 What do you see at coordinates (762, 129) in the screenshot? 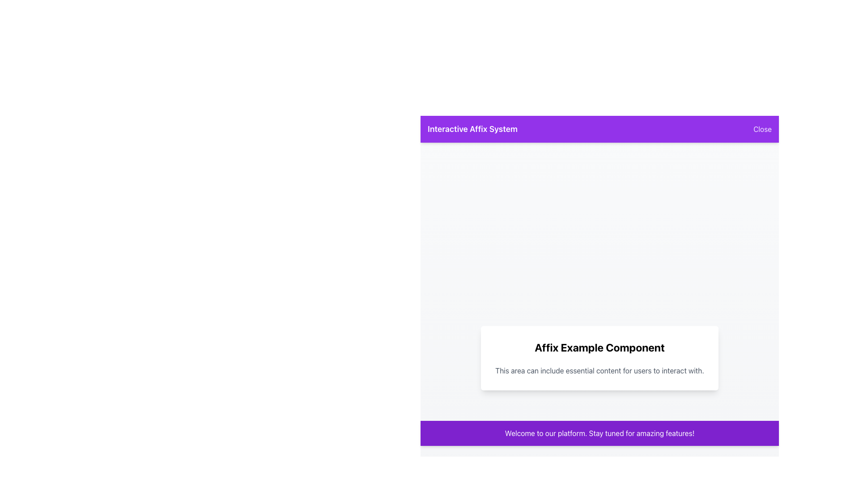
I see `the closing button located at the upper-right corner of the 'Interactive Affix System' purple bar` at bounding box center [762, 129].